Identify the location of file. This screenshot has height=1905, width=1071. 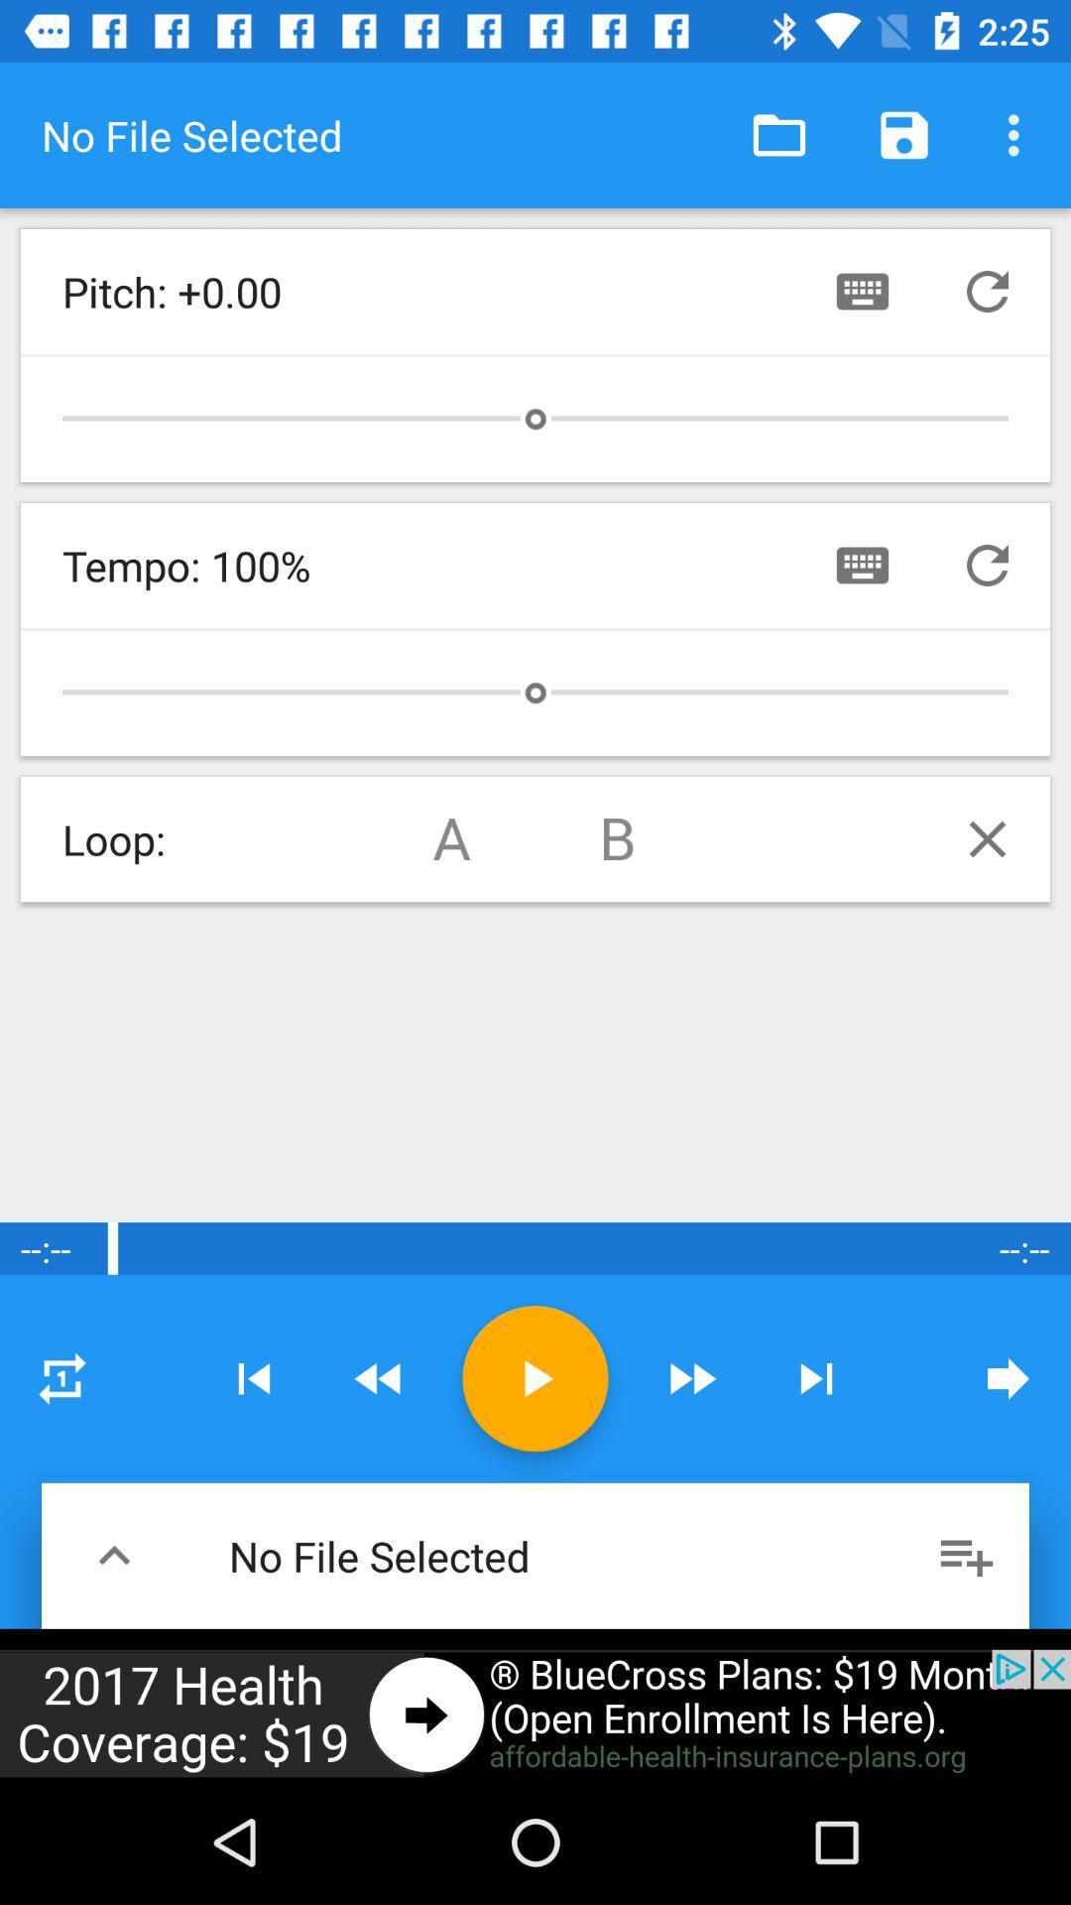
(535, 1377).